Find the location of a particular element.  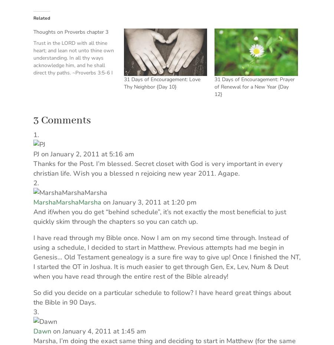

'I have read through my Bible once. Now I am on my second time through. Instead of using a schedule, I decided to start in Matthew. Previous attempts had me begin in Genesis… Old Testament genealogy is a sure fire way to give up! Once I finished the NT, I started the OT in Joshua. It is much easier to get through Gen, Ex, Lev, Num & Deut when you have read through the entire rest of the Bible already!' is located at coordinates (167, 256).